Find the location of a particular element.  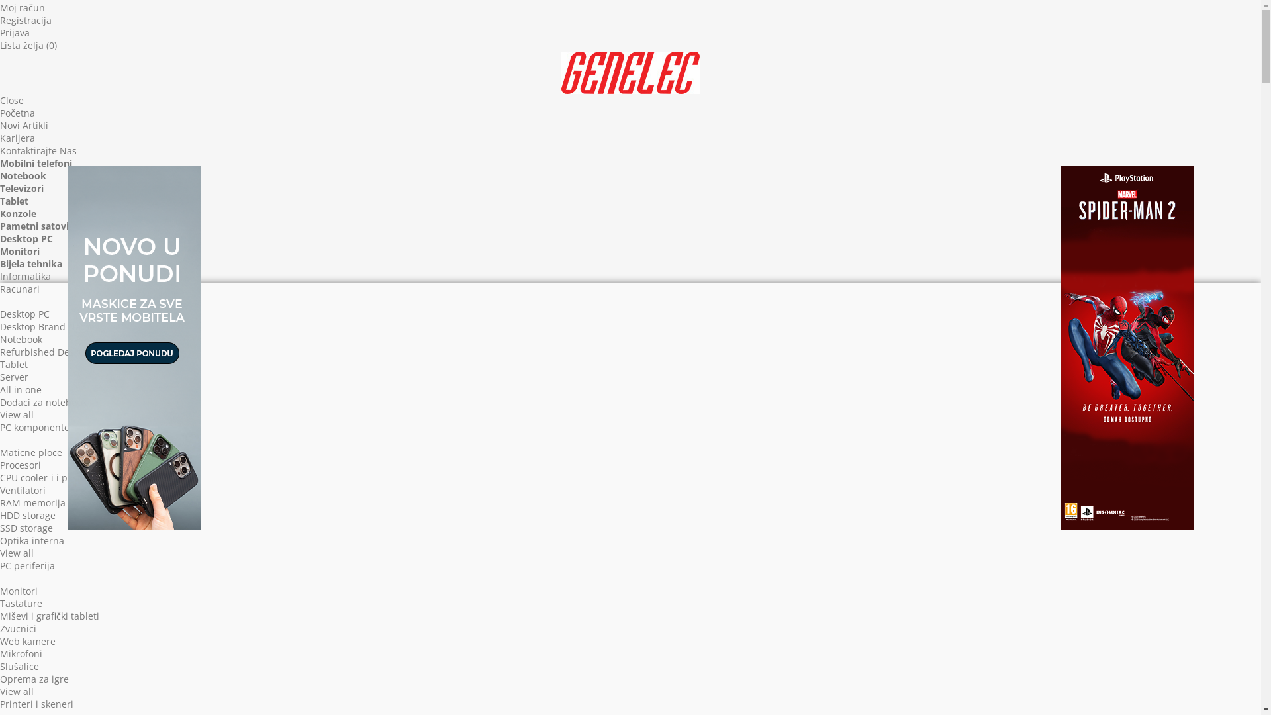

'Novi Artikli' is located at coordinates (0, 125).